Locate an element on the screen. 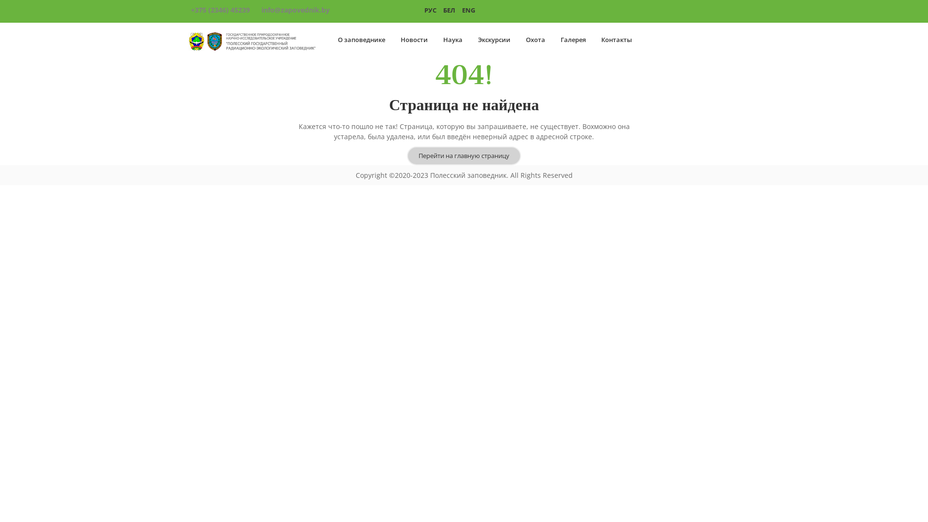  'Telegram' is located at coordinates (728, 11).